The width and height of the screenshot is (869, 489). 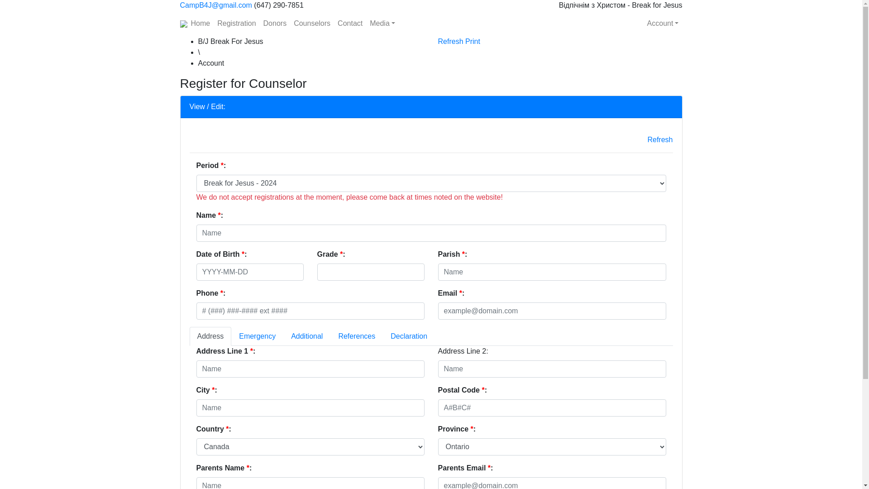 I want to click on 'Address', so click(x=188, y=336).